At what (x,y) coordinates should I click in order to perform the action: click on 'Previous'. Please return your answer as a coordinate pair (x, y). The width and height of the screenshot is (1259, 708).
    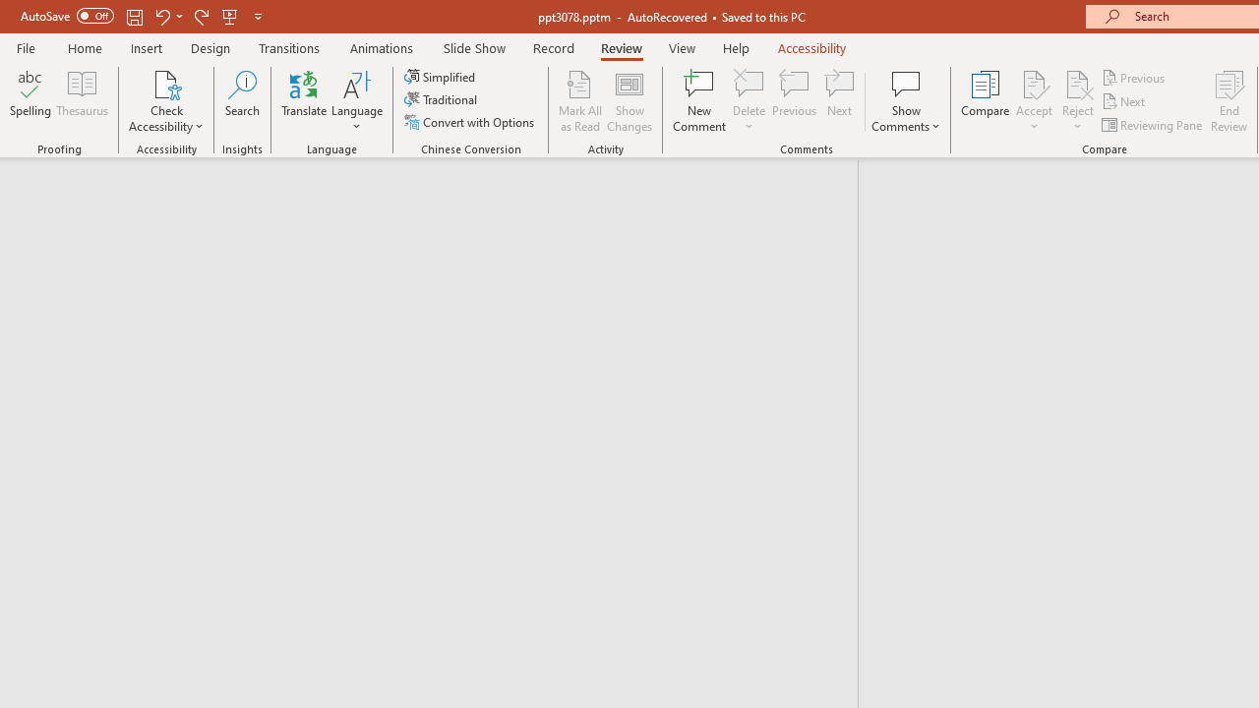
    Looking at the image, I should click on (1134, 77).